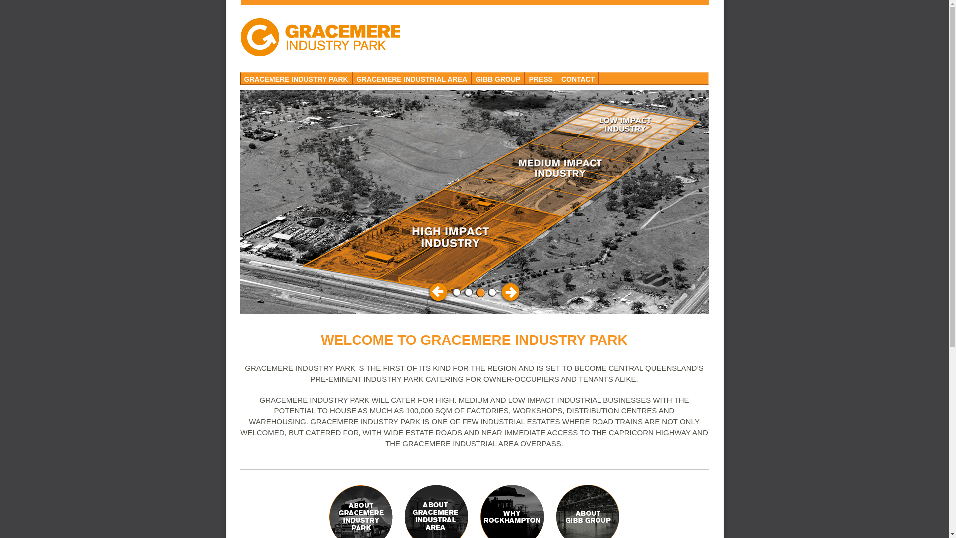 The width and height of the screenshot is (956, 538). Describe the element at coordinates (480, 292) in the screenshot. I see `'3'` at that location.